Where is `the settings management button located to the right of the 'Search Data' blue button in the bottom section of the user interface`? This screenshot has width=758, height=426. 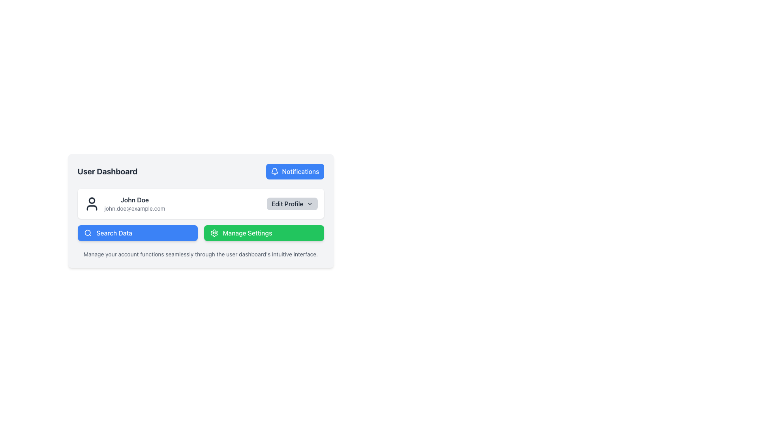 the settings management button located to the right of the 'Search Data' blue button in the bottom section of the user interface is located at coordinates (264, 232).